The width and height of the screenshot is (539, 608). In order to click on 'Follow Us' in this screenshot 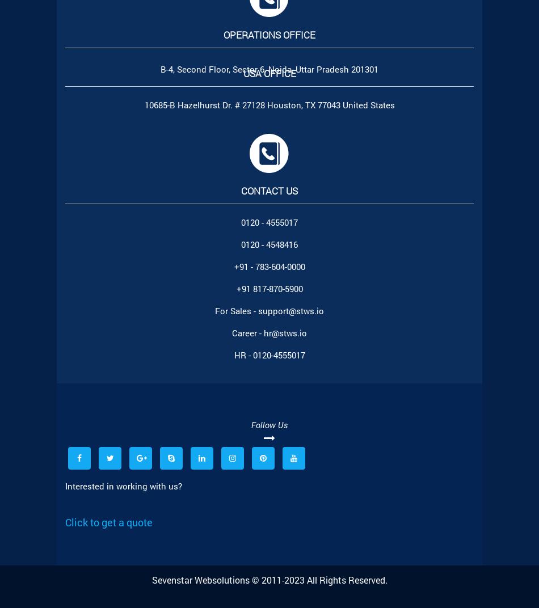, I will do `click(268, 425)`.